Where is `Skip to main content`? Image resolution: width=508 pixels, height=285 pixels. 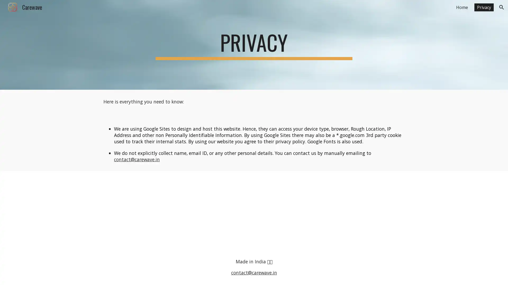 Skip to main content is located at coordinates (208, 10).